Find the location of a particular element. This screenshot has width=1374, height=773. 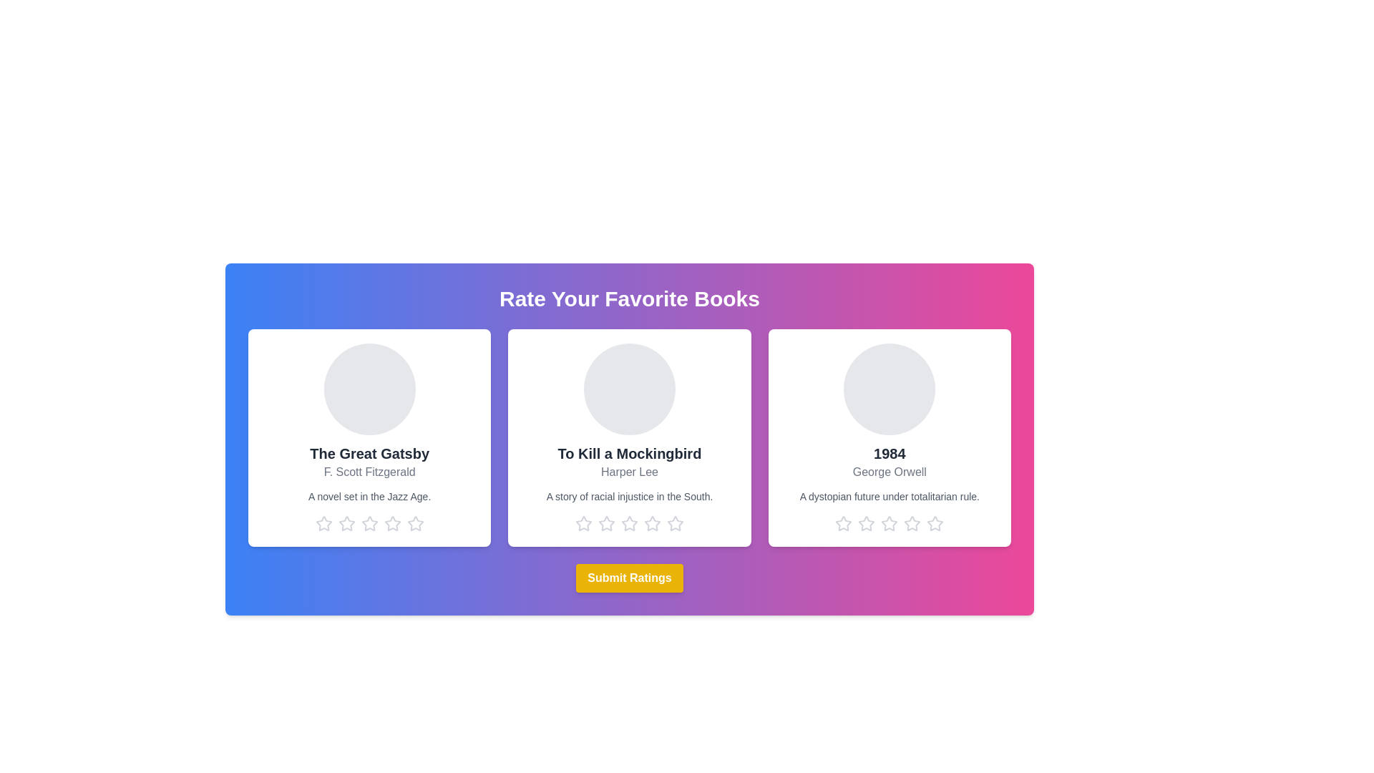

the star corresponding to the rating 5 for the book titled The Great Gatsby is located at coordinates (414, 524).